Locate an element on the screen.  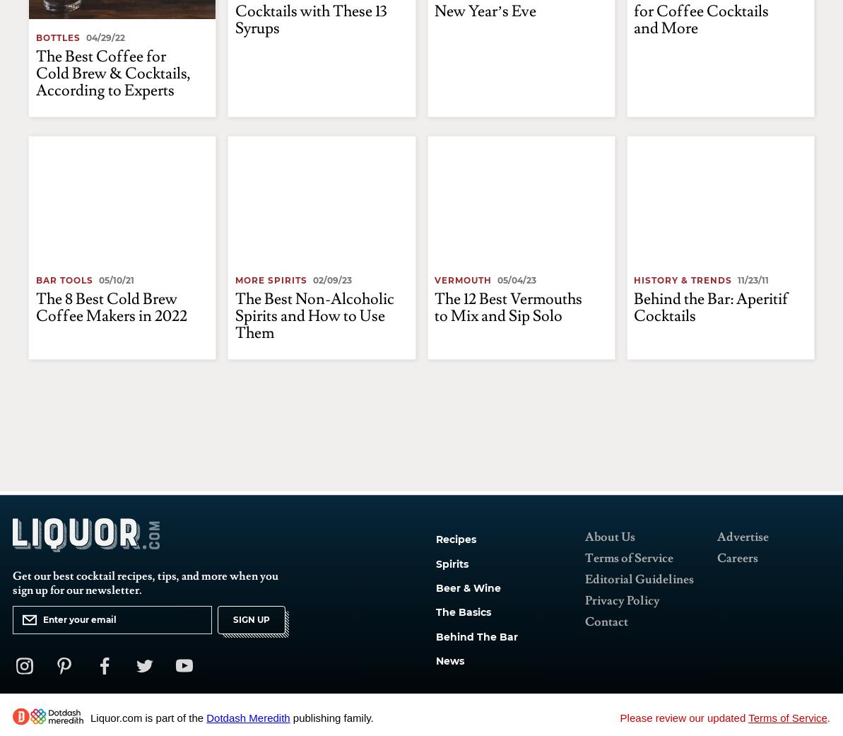
'Please review our updated' is located at coordinates (619, 718).